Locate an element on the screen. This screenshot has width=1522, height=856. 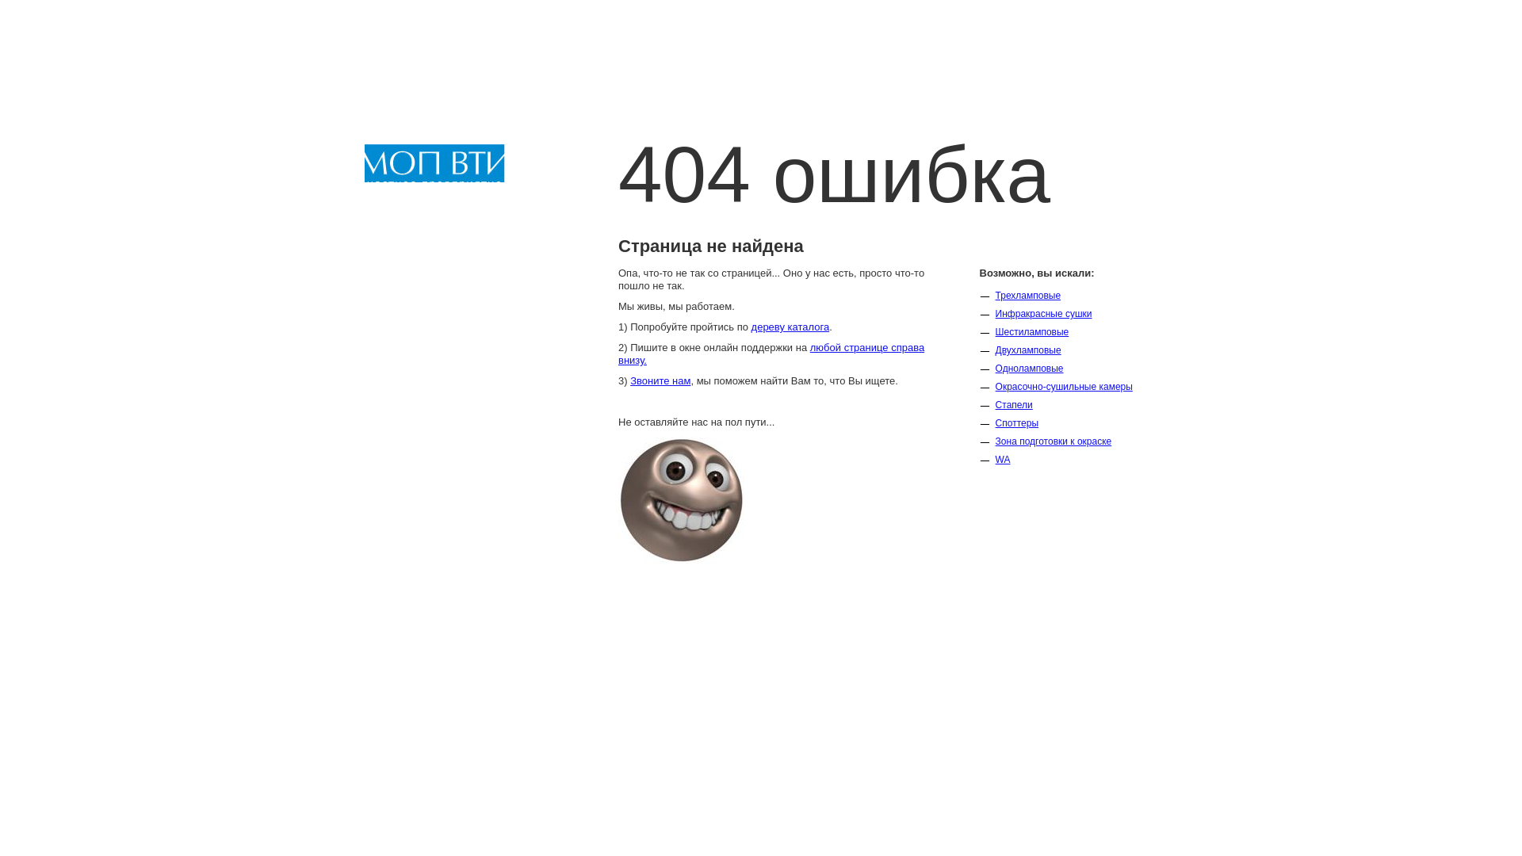
'WA' is located at coordinates (1002, 459).